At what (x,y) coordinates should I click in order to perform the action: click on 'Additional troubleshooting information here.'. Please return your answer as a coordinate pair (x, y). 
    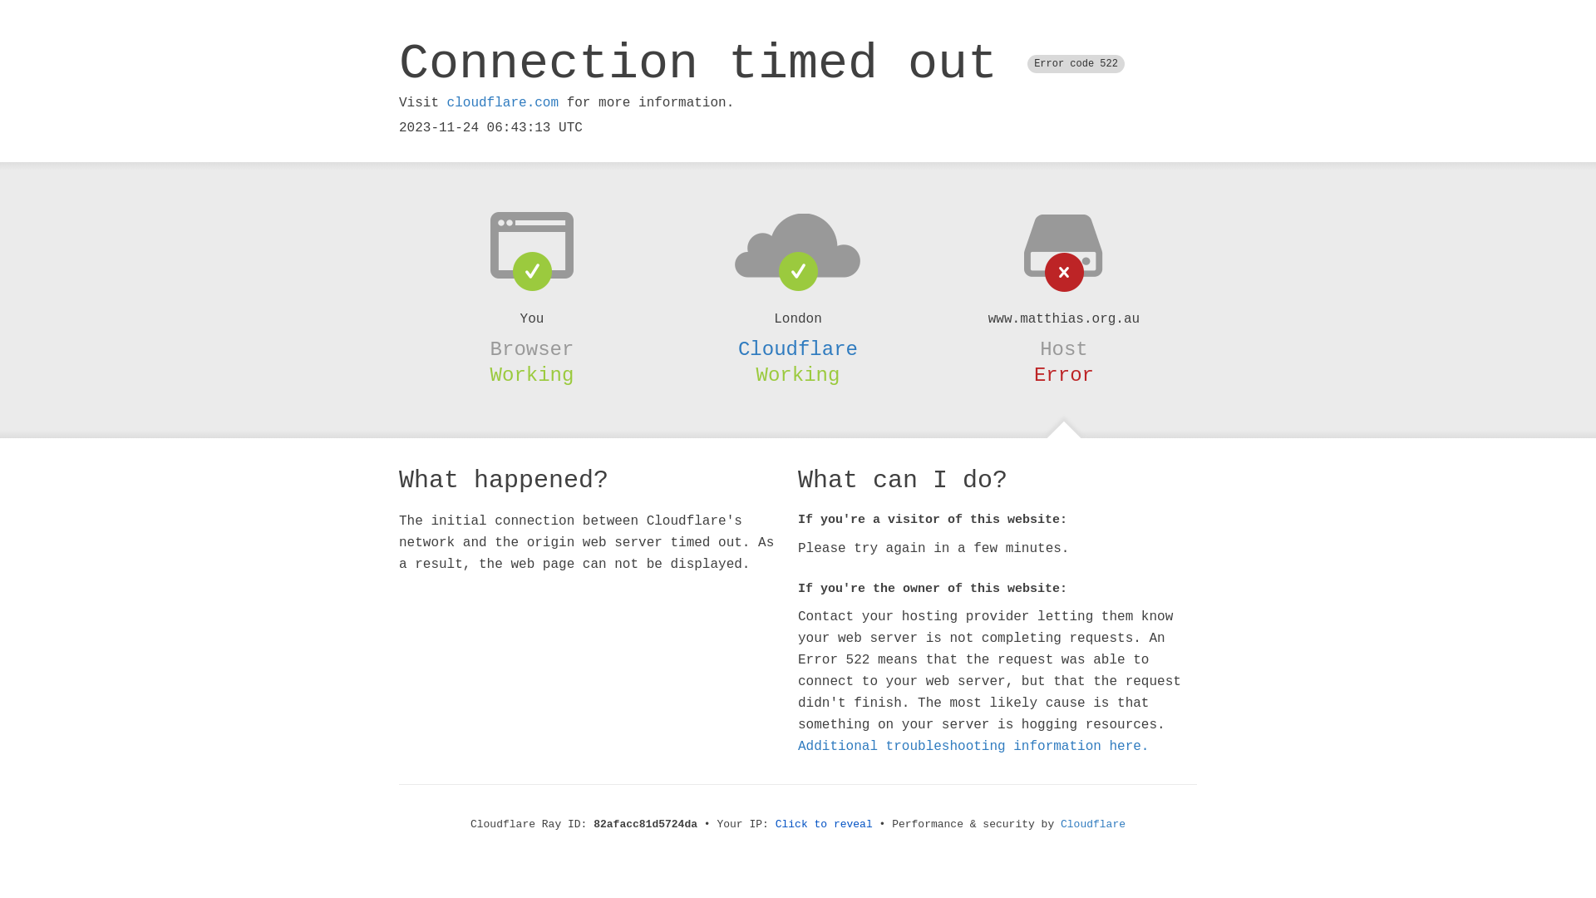
    Looking at the image, I should click on (973, 746).